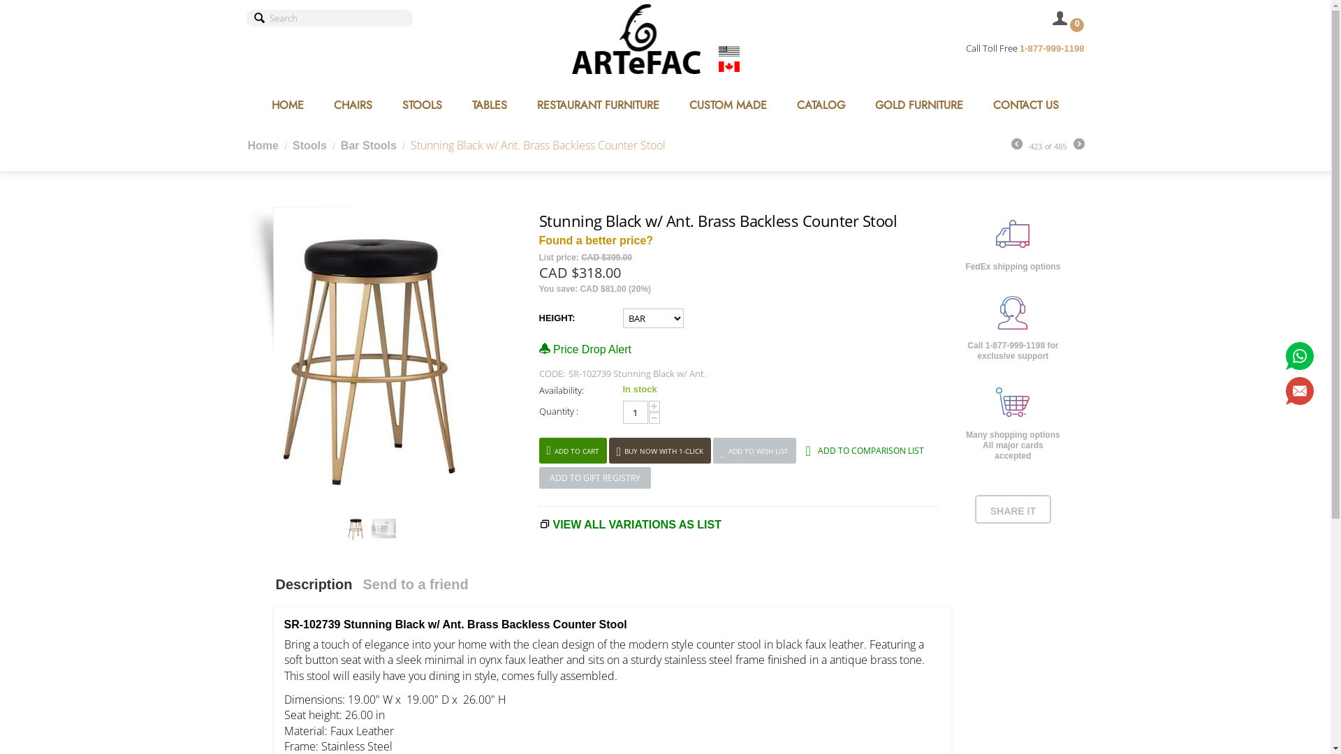 The width and height of the screenshot is (1341, 754). Describe the element at coordinates (316, 591) in the screenshot. I see `'Description'` at that location.